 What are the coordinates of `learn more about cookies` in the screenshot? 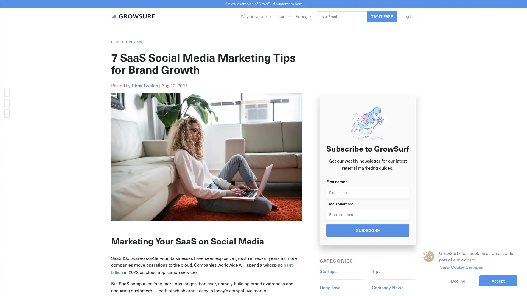 It's located at (461, 266).